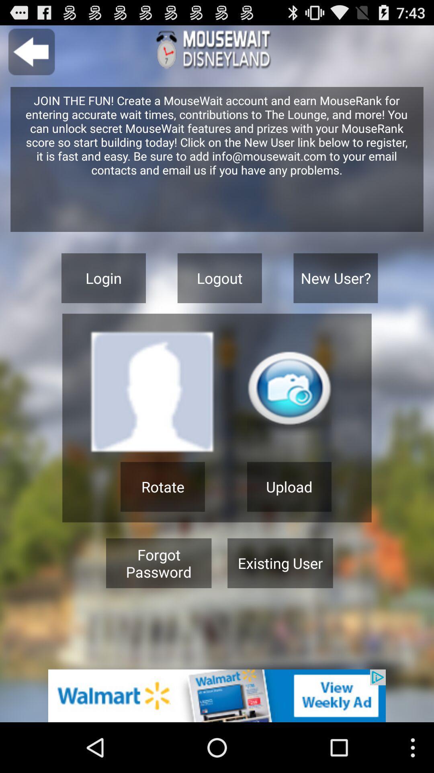 The image size is (434, 773). I want to click on previous option, so click(31, 52).